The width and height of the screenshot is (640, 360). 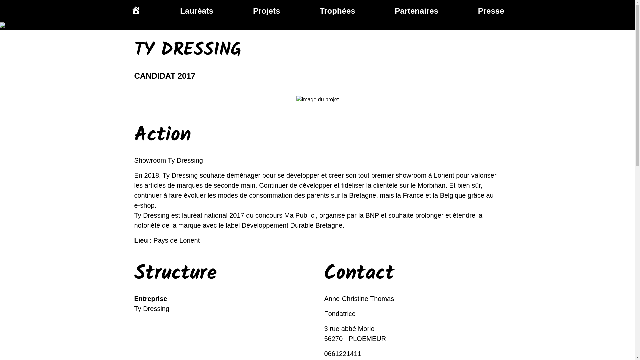 I want to click on 'Accueil', so click(x=135, y=11).